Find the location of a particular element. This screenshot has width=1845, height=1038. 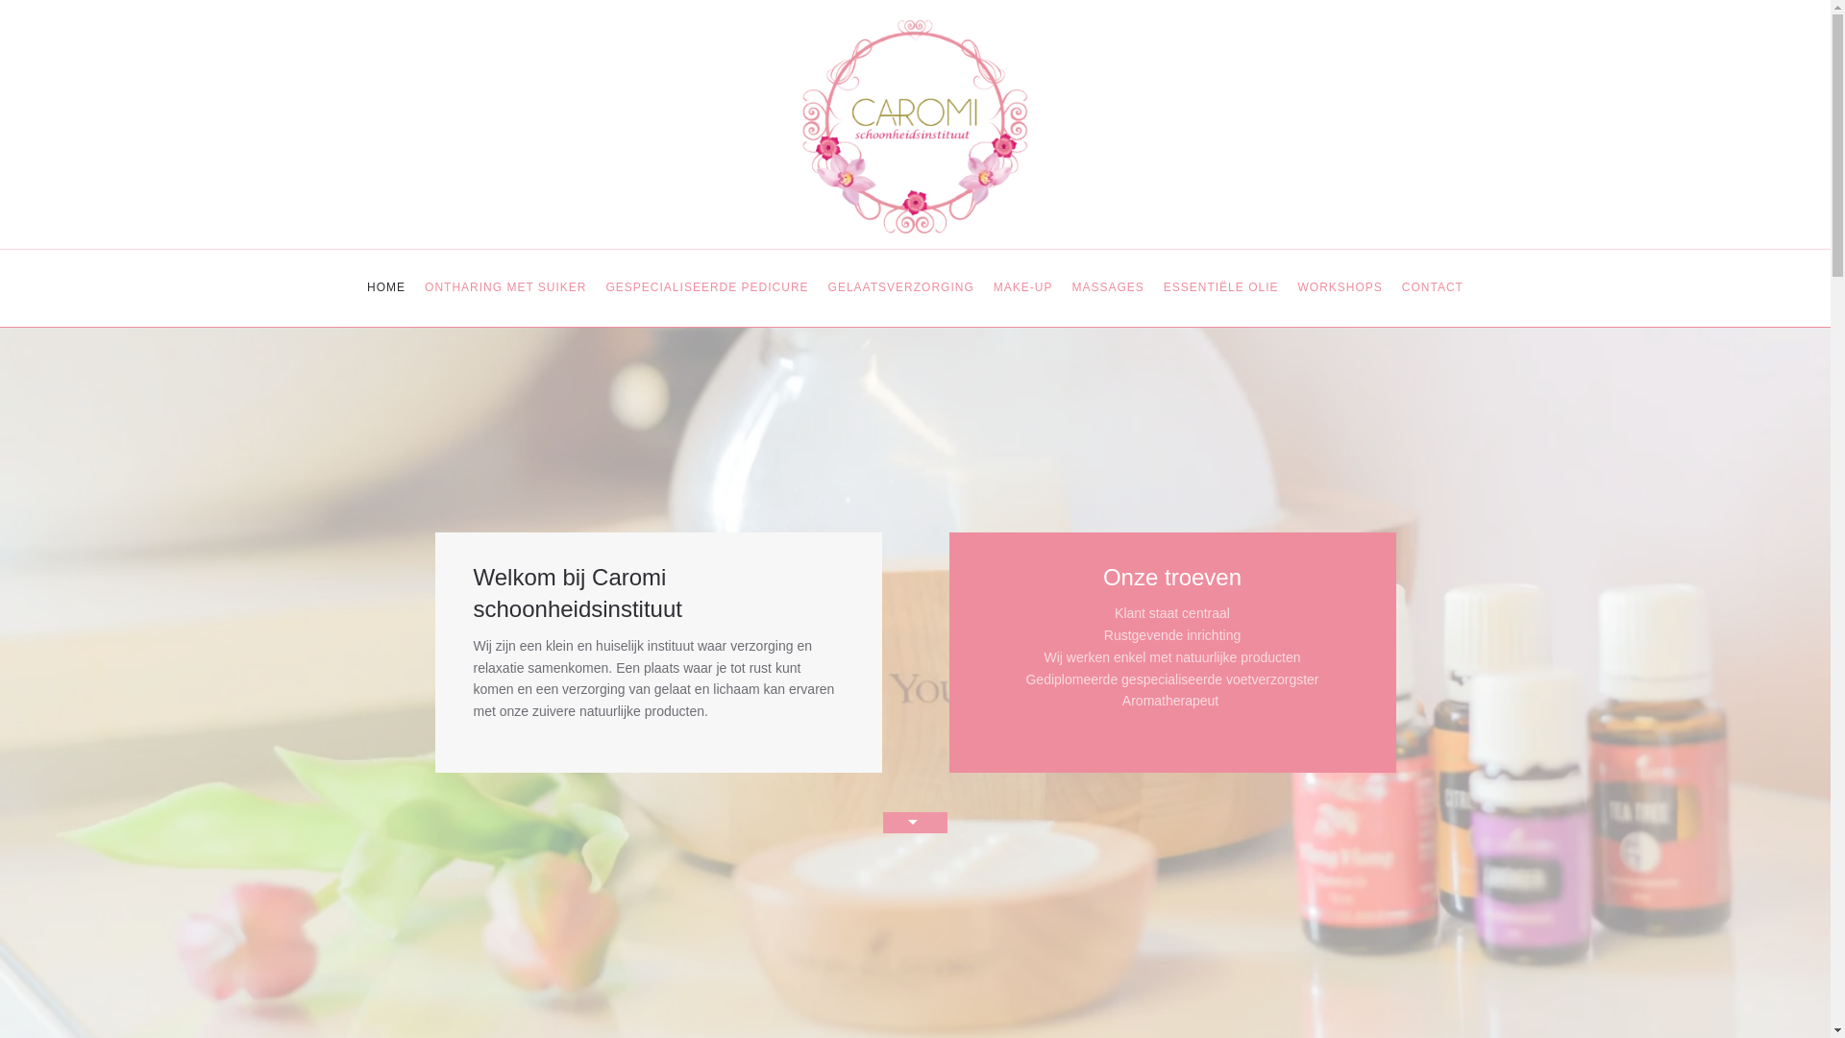

'MASSAGES' is located at coordinates (1107, 288).